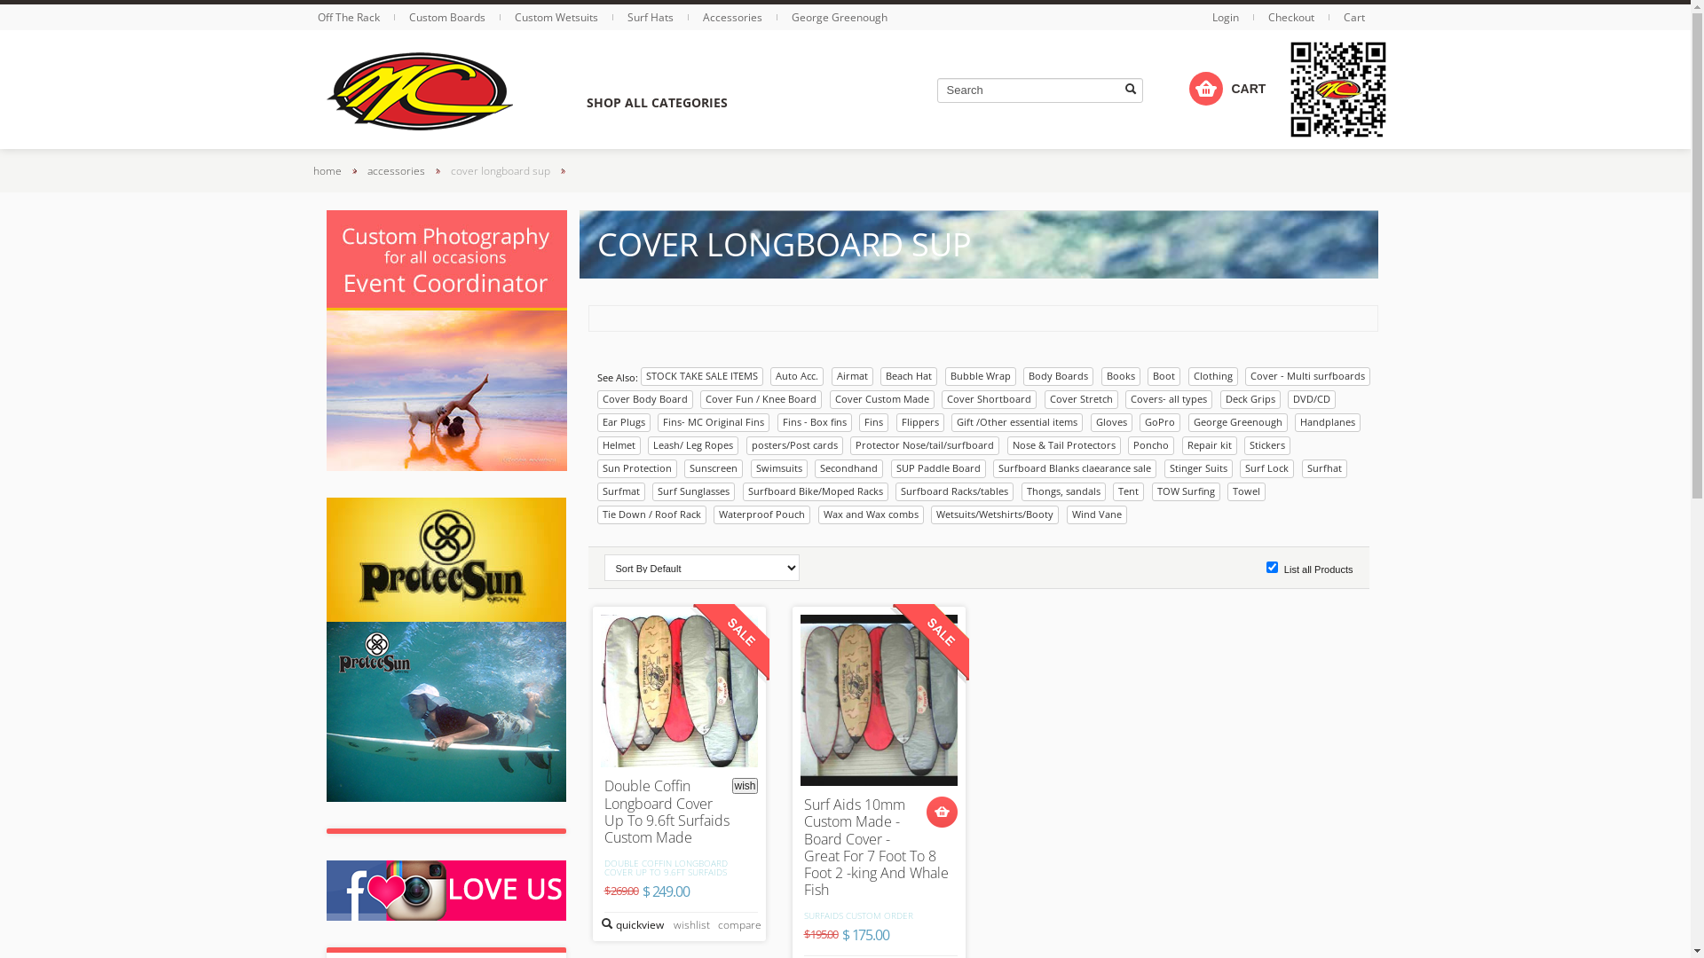  I want to click on 'Body Boards', so click(1058, 375).